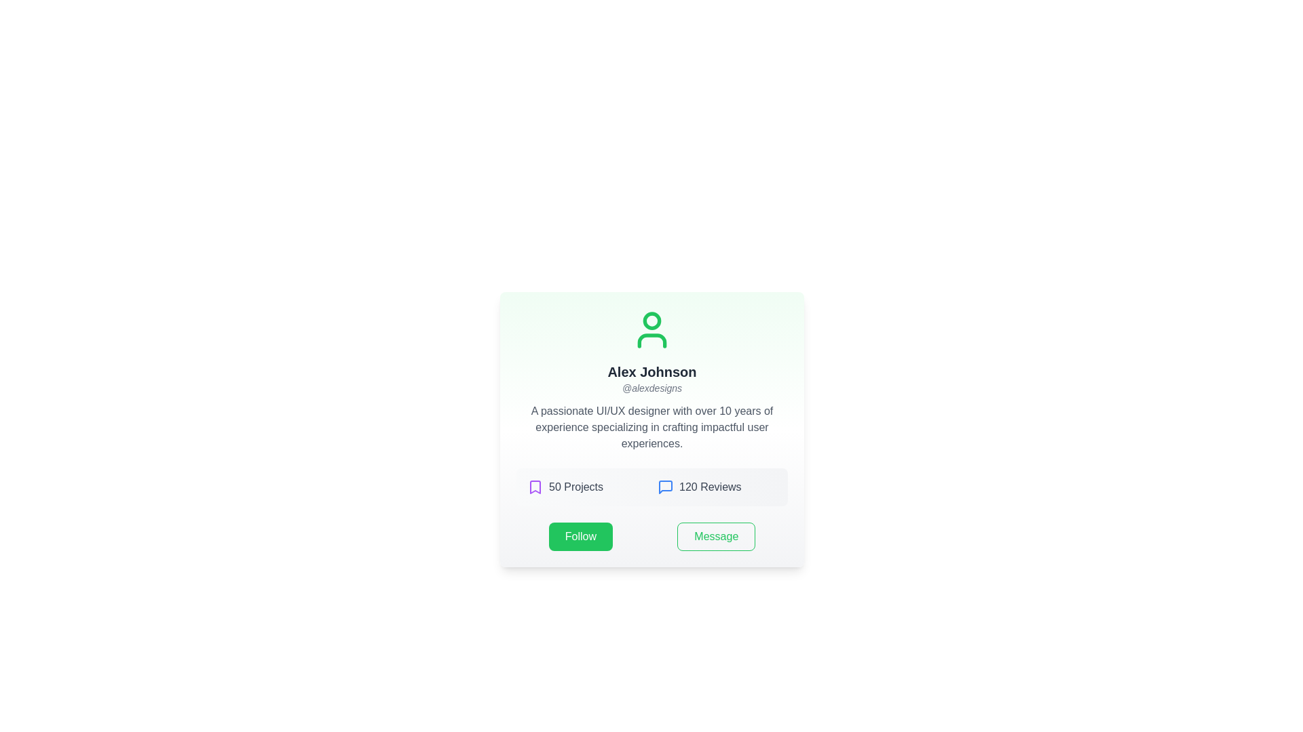 The width and height of the screenshot is (1303, 732). Describe the element at coordinates (651, 388) in the screenshot. I see `the text label displaying '@alexdesigns', which is gray, italicized, and located below 'Alex Johnson' in the upper-middle part of the interface` at that location.